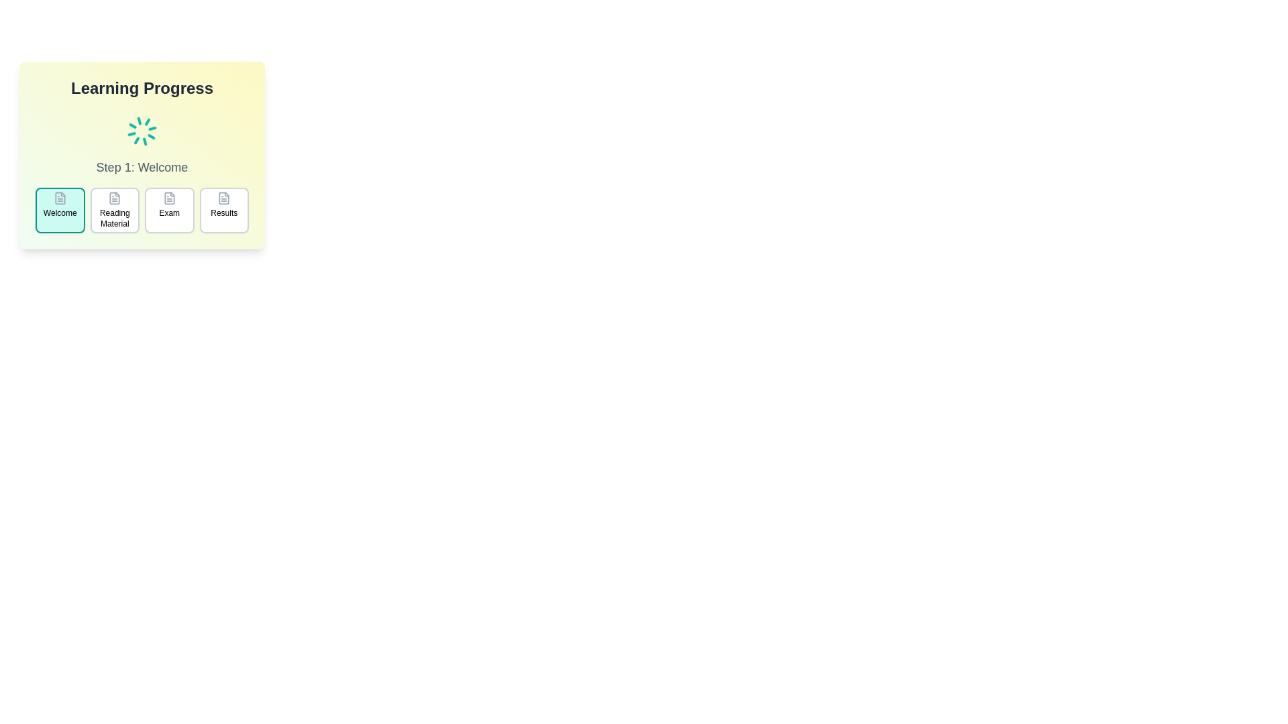 The height and width of the screenshot is (724, 1288). I want to click on the second button from the left in the group of four buttons, located in the yellow-tinted panel labeled 'Learning Progress', for accessibility purposes, so click(115, 210).